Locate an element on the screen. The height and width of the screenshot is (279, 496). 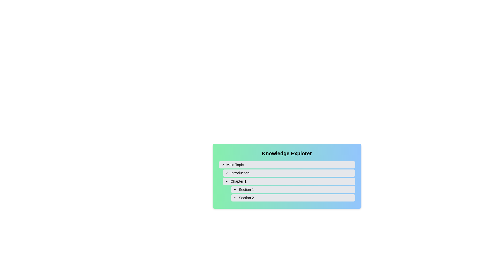
the collapsible list item under 'Chapter 1' to visit its sub-items for navigation is located at coordinates (289, 189).